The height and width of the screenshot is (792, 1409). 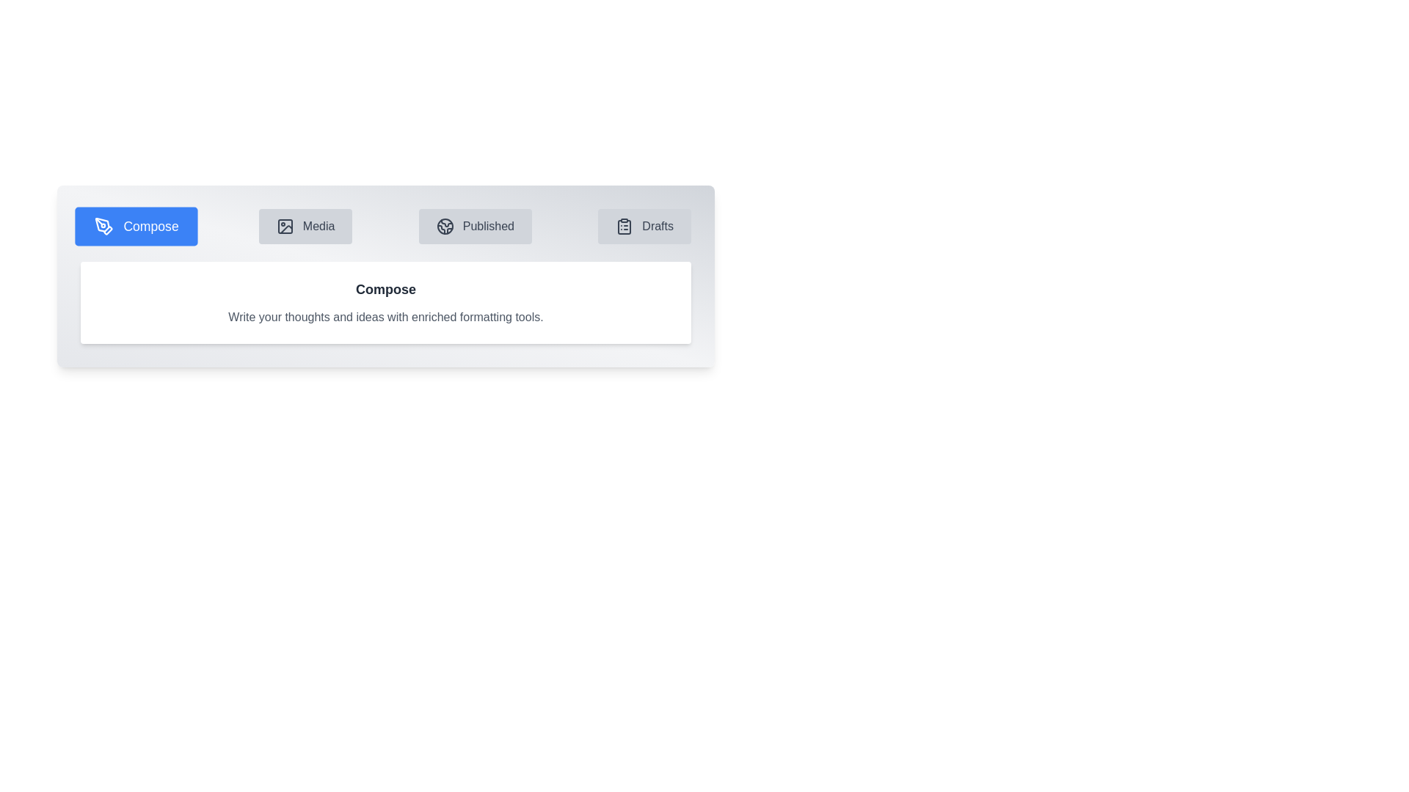 What do you see at coordinates (475, 226) in the screenshot?
I see `the Published tab to observe its visual state change` at bounding box center [475, 226].